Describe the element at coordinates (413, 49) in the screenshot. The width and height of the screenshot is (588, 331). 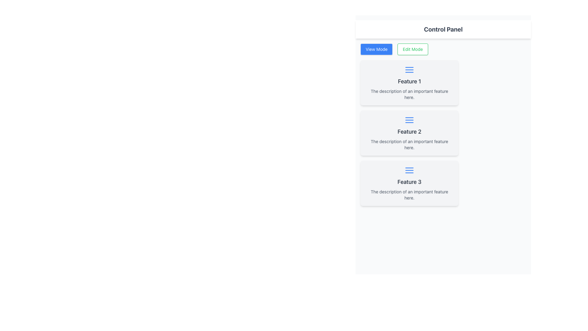
I see `the edit mode button located to the right of the 'View Mode' button in the top-right corner of the interface` at that location.